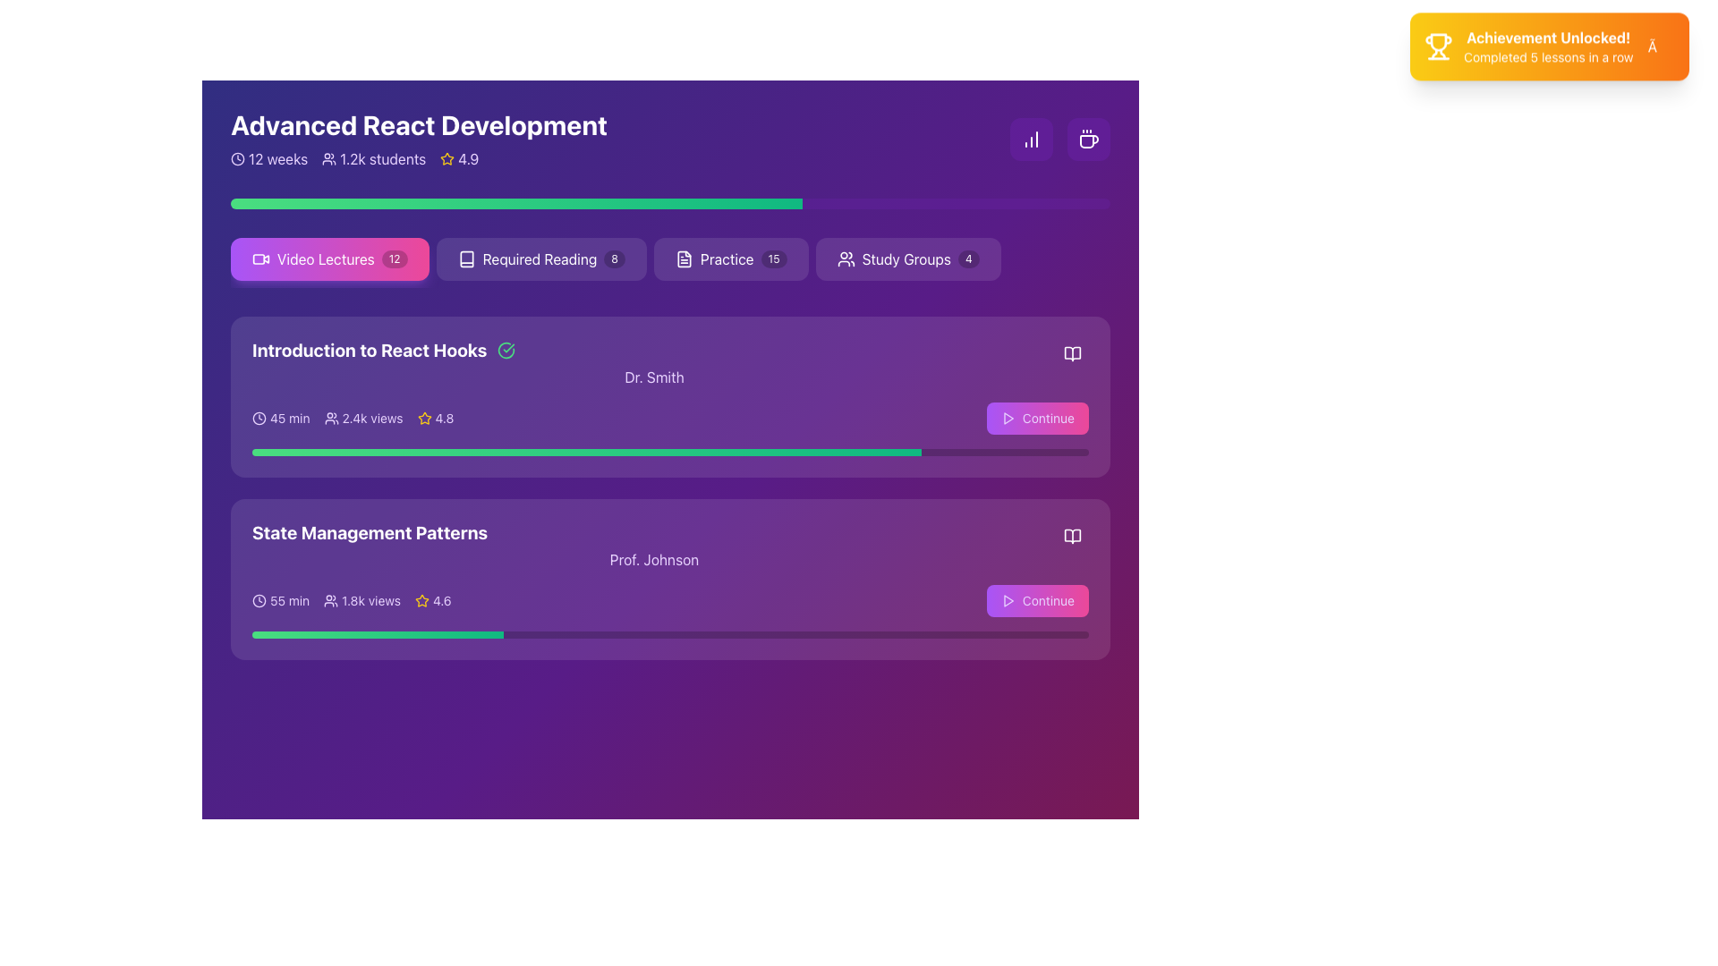 The width and height of the screenshot is (1718, 966). Describe the element at coordinates (418, 138) in the screenshot. I see `the course section header text block located at the top-left area of the interface, immediately below the purple header bar` at that location.